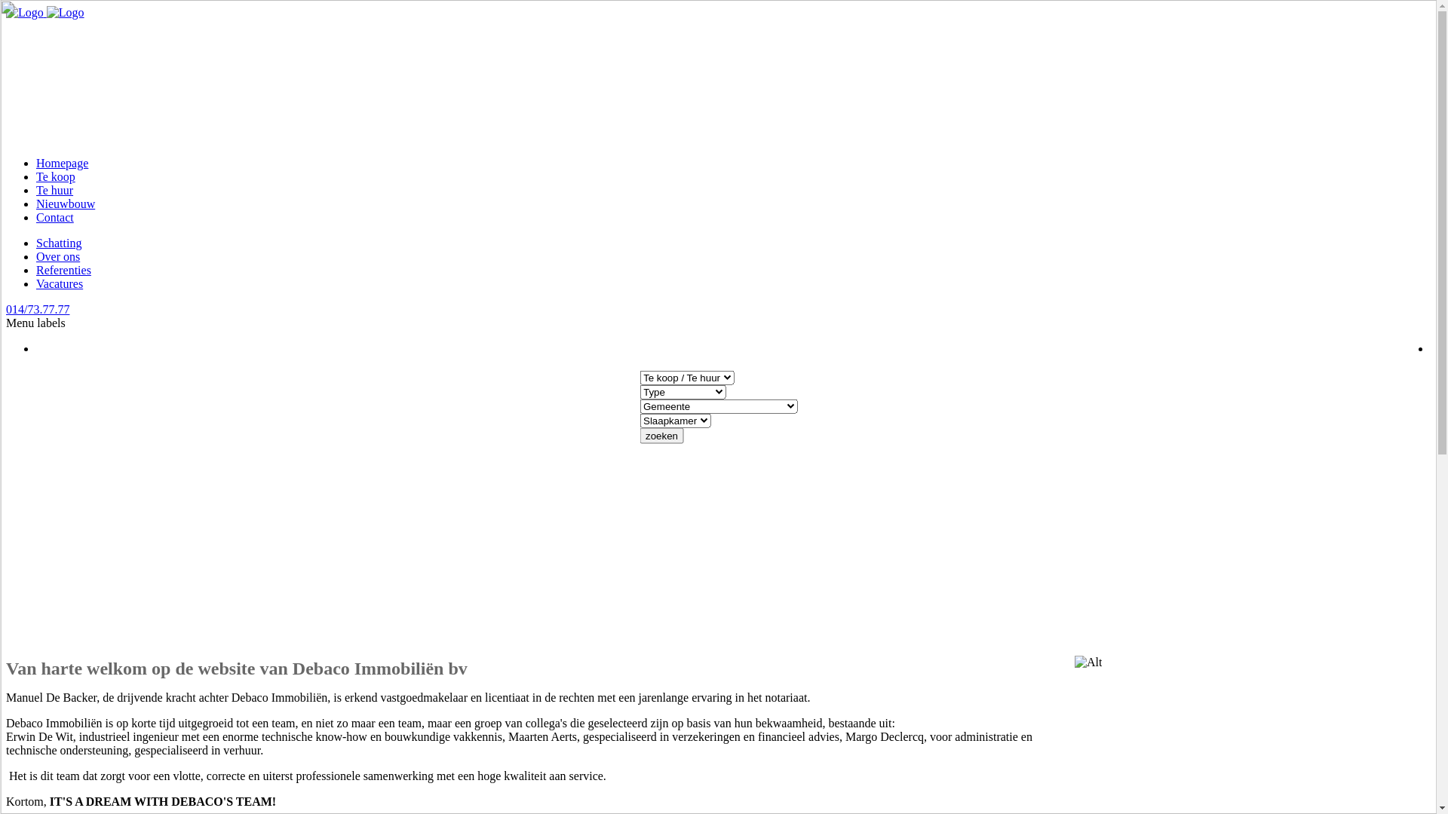 The width and height of the screenshot is (1448, 814). I want to click on 'Over ons', so click(36, 256).